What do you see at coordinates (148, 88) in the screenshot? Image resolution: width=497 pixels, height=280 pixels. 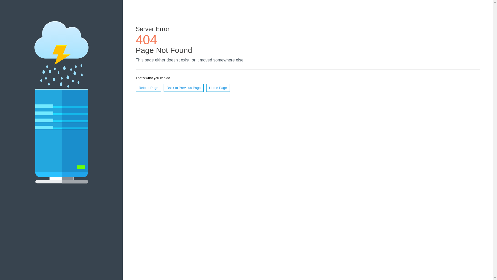 I see `'Reload Page'` at bounding box center [148, 88].